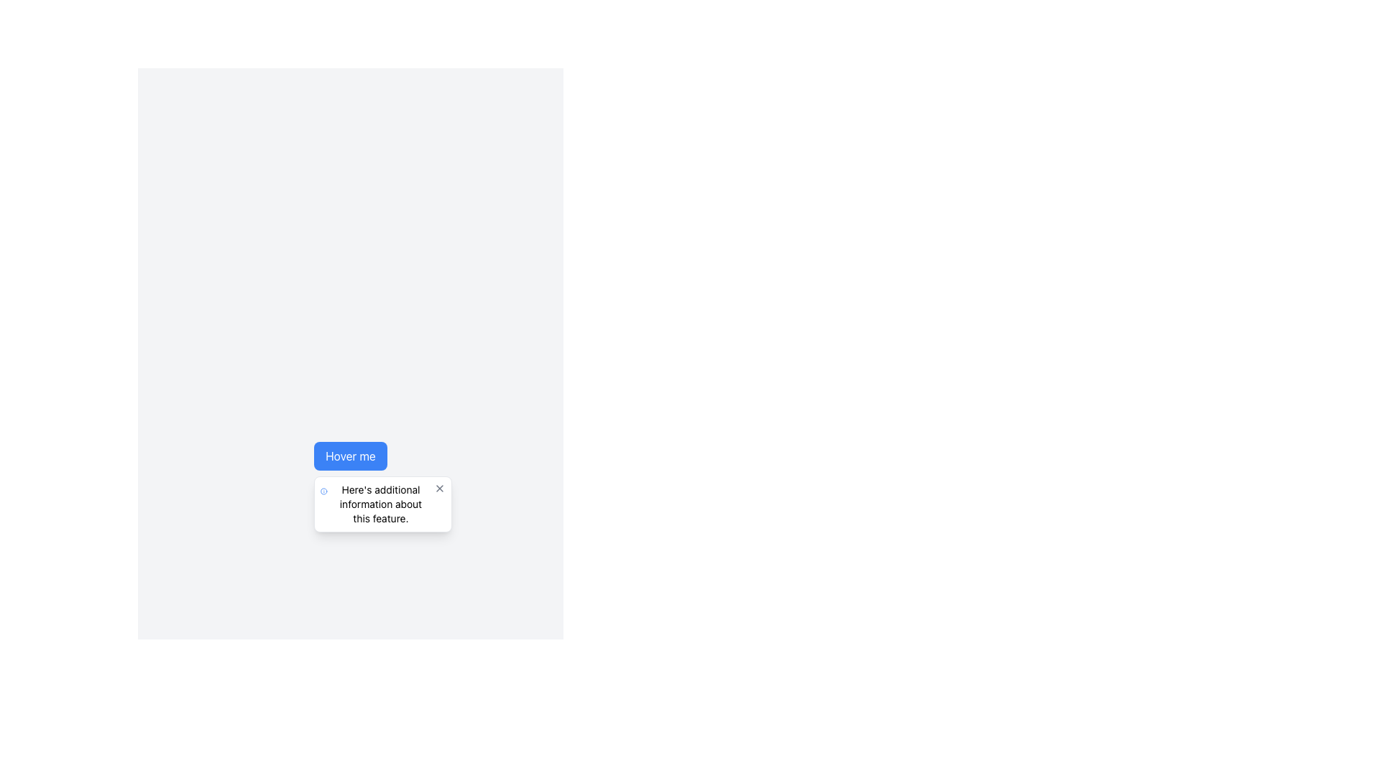  Describe the element at coordinates (380, 504) in the screenshot. I see `the tooltip text display that shows 'Here's additional information about this feature.'` at that location.